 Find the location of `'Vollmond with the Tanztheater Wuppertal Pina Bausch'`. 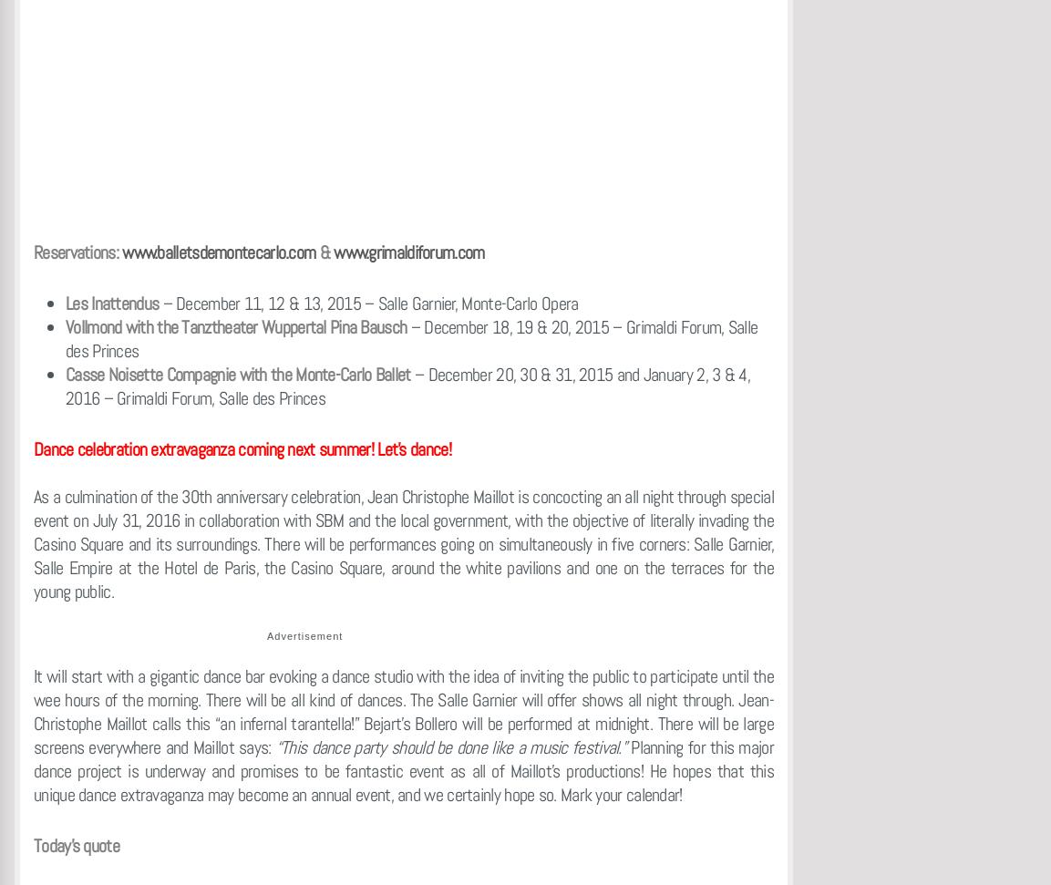

'Vollmond with the Tanztheater Wuppertal Pina Bausch' is located at coordinates (64, 326).